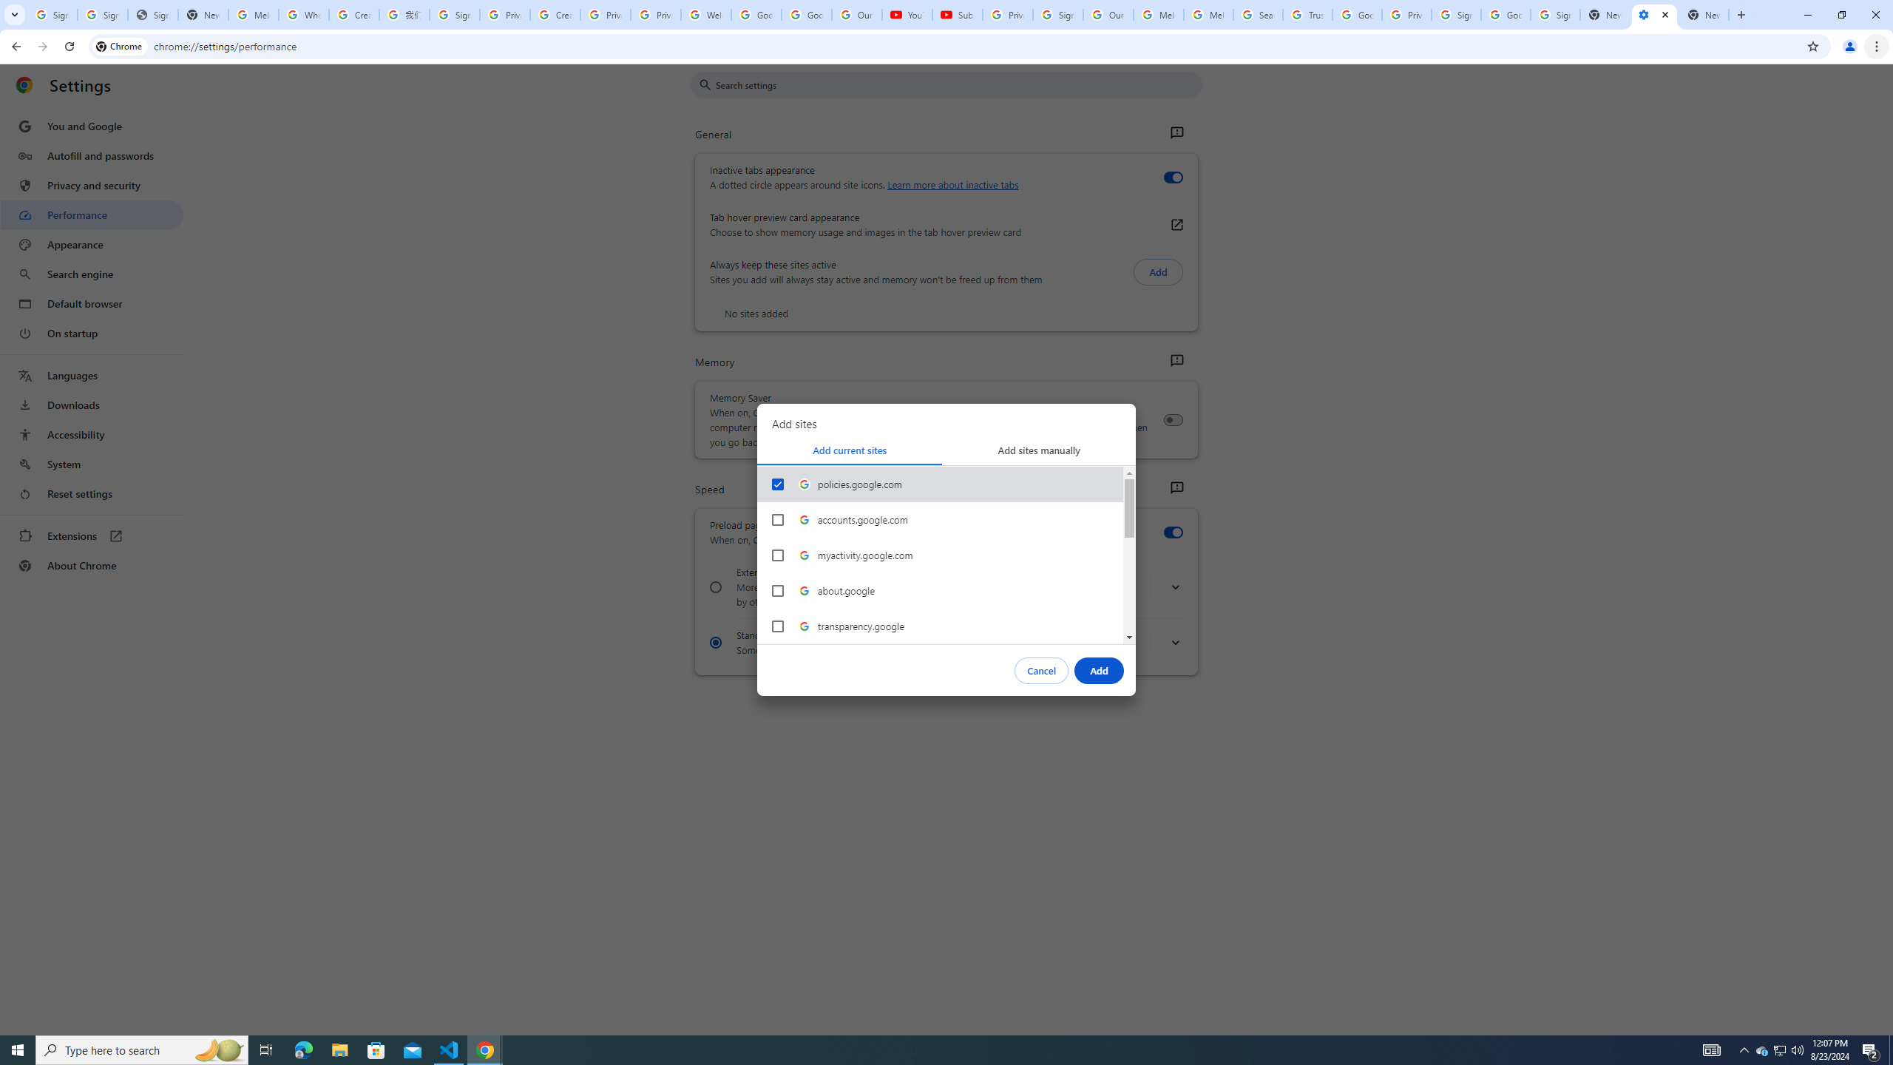 This screenshot has height=1065, width=1893. I want to click on 'Welcome to My Activity', so click(705, 14).